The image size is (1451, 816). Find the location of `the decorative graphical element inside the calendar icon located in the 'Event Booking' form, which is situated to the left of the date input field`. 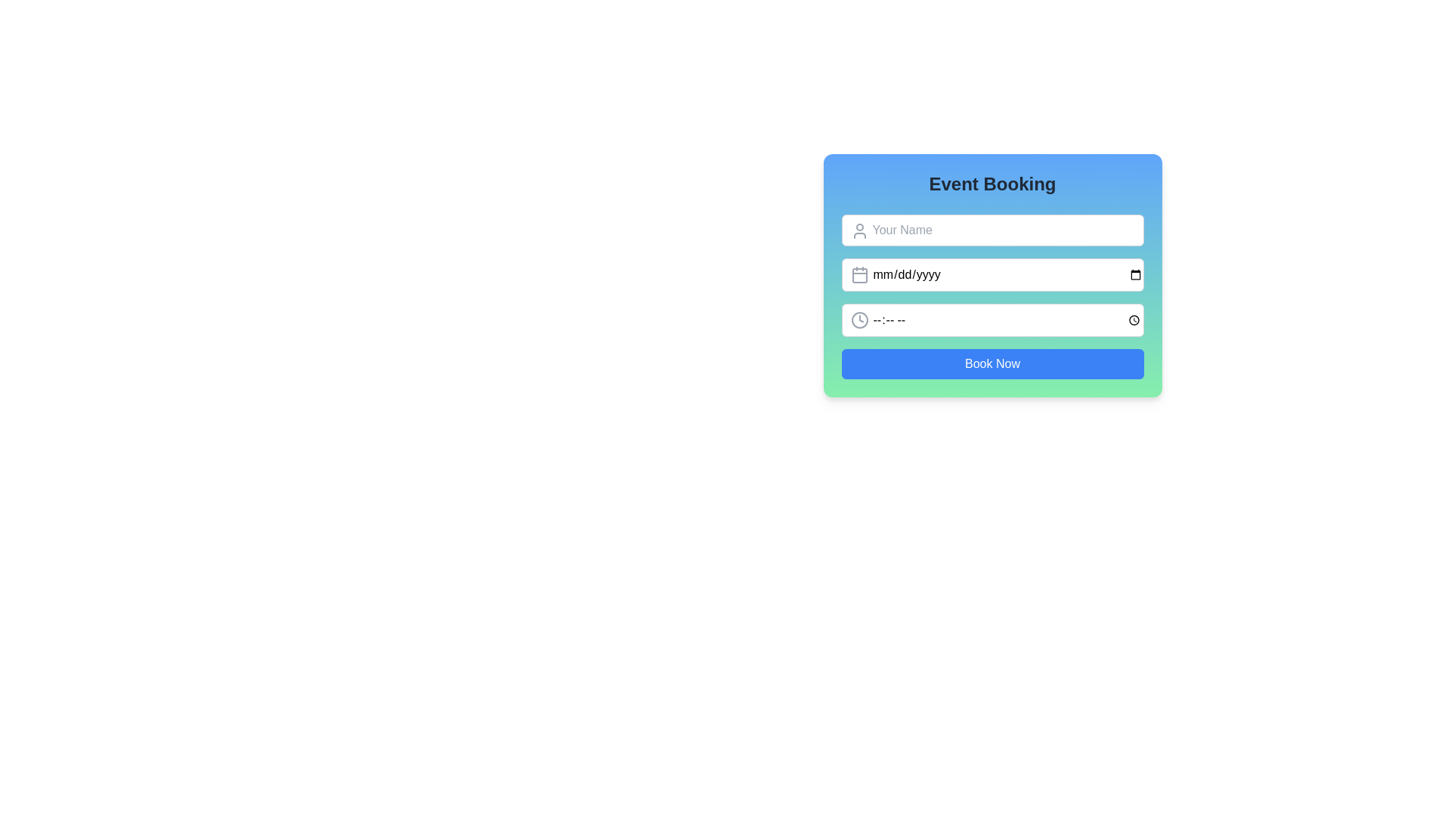

the decorative graphical element inside the calendar icon located in the 'Event Booking' form, which is situated to the left of the date input field is located at coordinates (859, 276).